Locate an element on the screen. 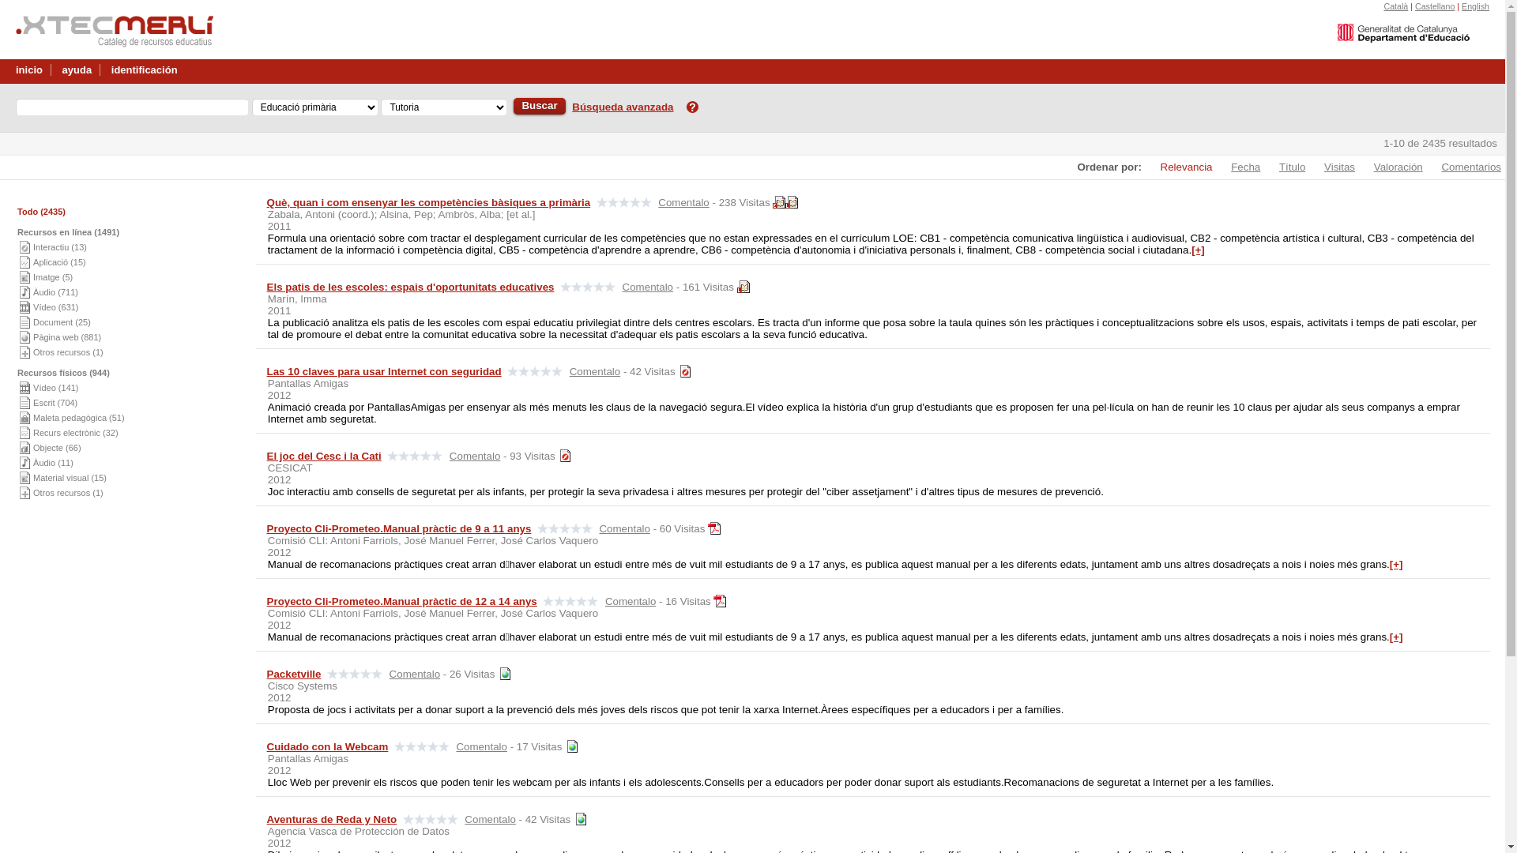 The image size is (1517, 853). 'Fecha' is located at coordinates (1237, 167).